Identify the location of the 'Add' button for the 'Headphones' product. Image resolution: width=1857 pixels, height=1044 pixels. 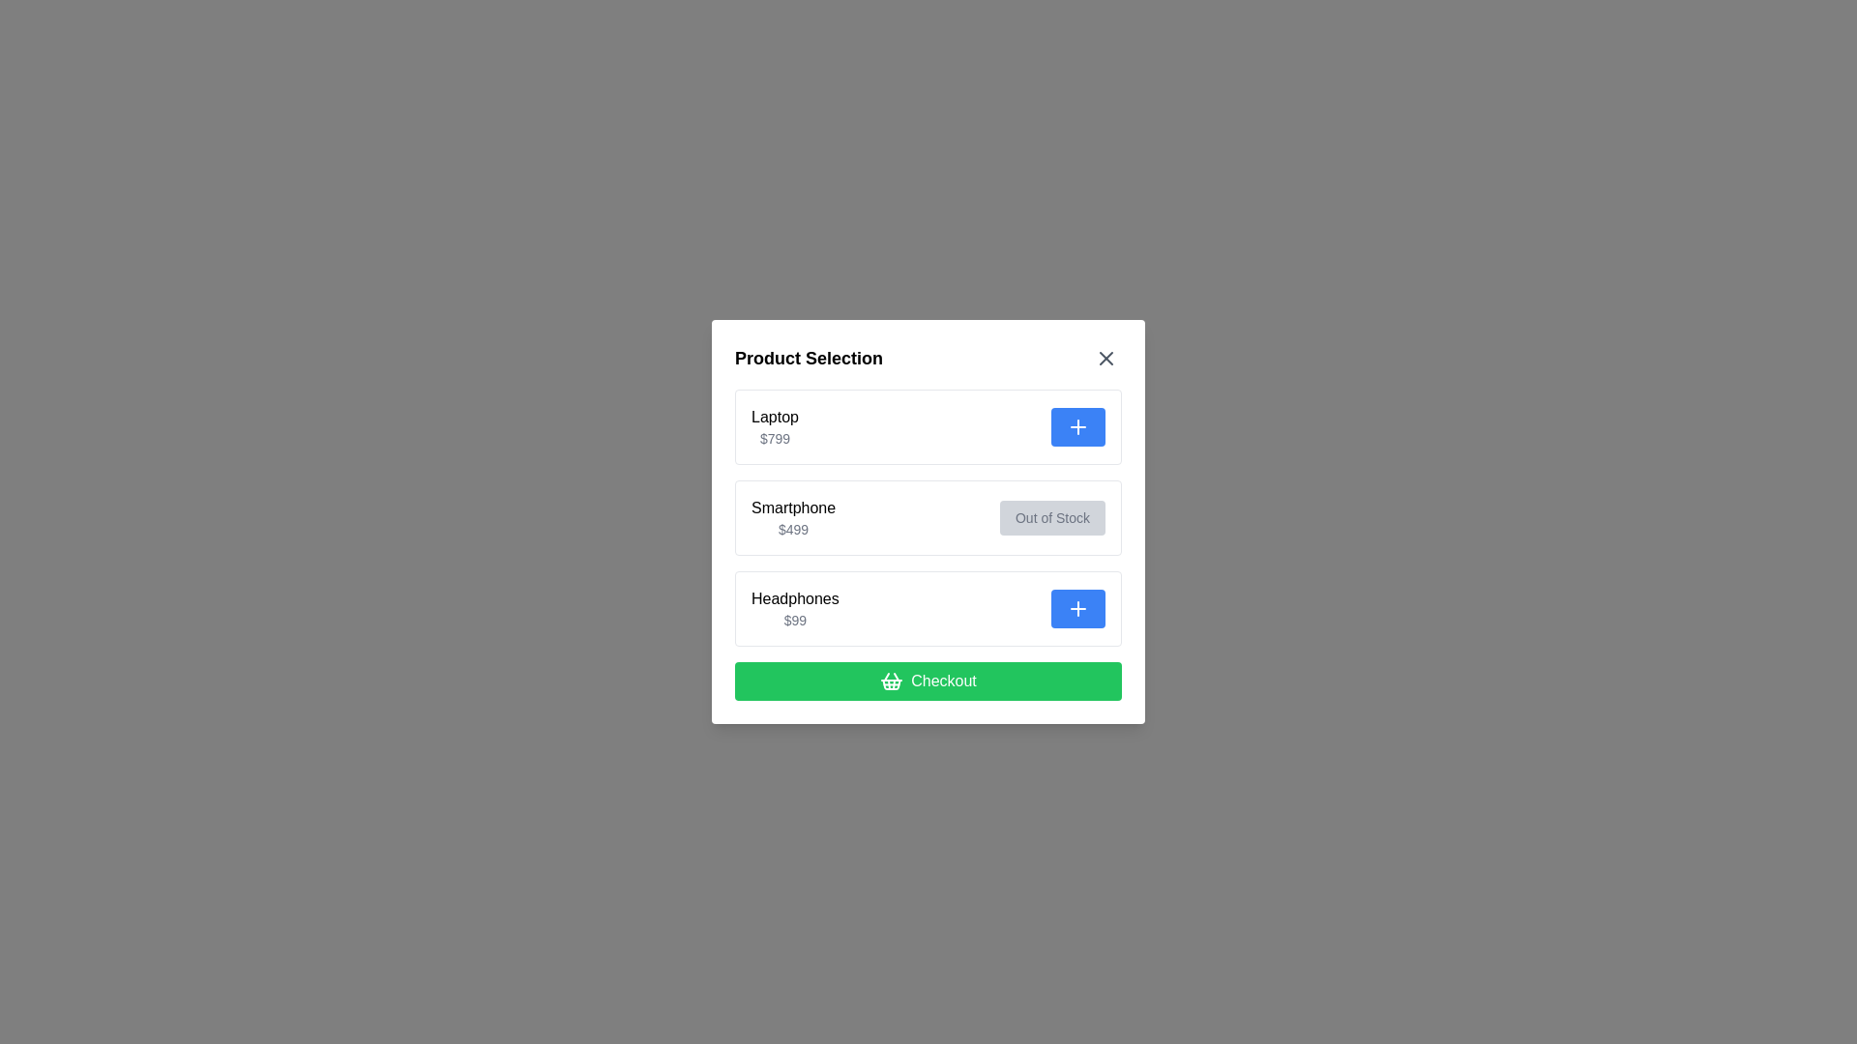
(1076, 607).